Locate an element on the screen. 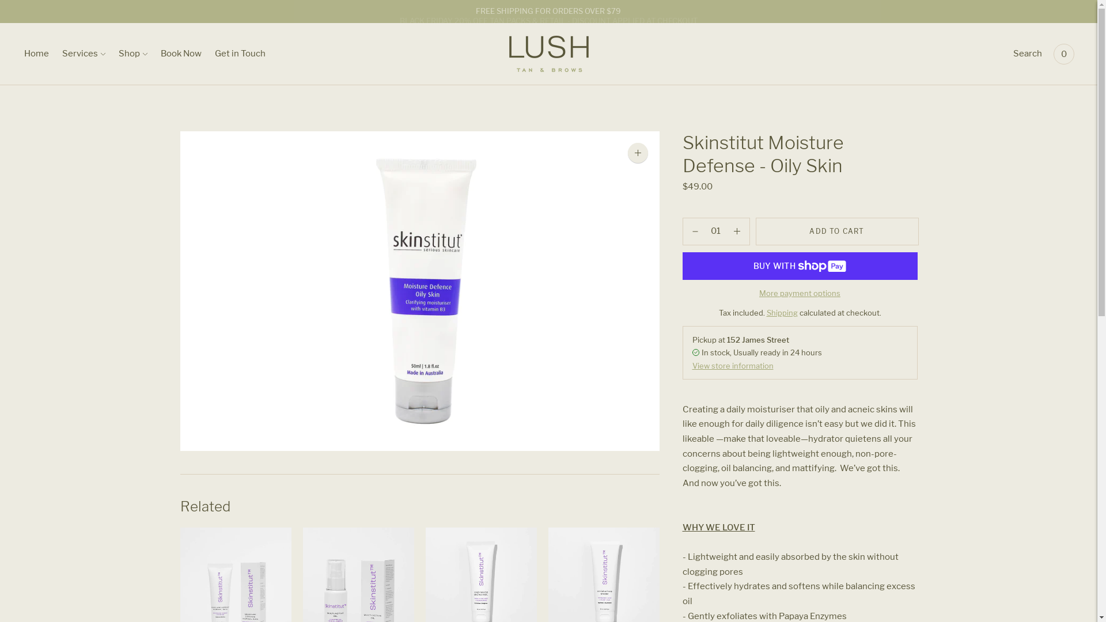  'Get in Touch' is located at coordinates (240, 54).